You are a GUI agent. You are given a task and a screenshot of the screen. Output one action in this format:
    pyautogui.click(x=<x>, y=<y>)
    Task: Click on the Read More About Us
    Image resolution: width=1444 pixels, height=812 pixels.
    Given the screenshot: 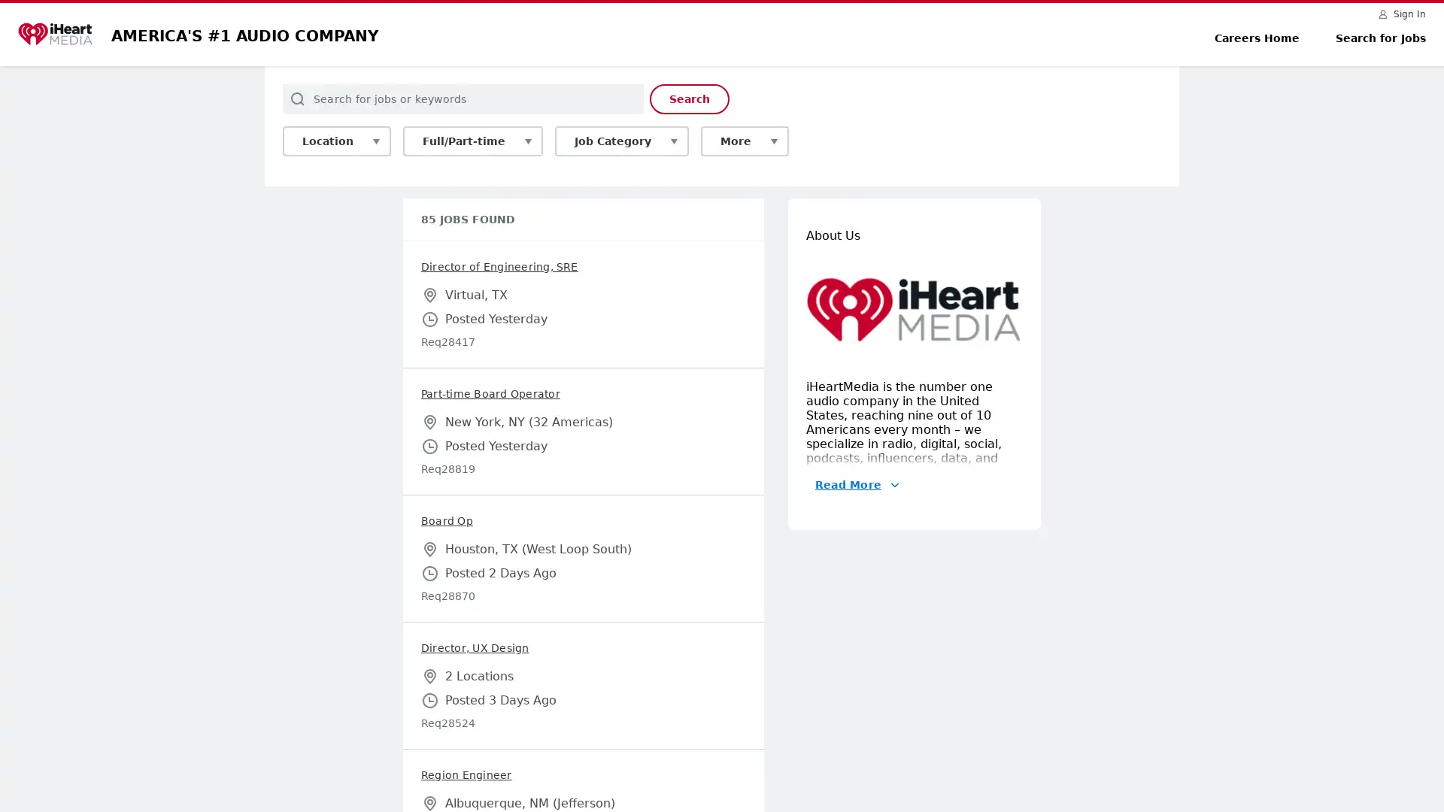 What is the action you would take?
    pyautogui.click(x=849, y=762)
    